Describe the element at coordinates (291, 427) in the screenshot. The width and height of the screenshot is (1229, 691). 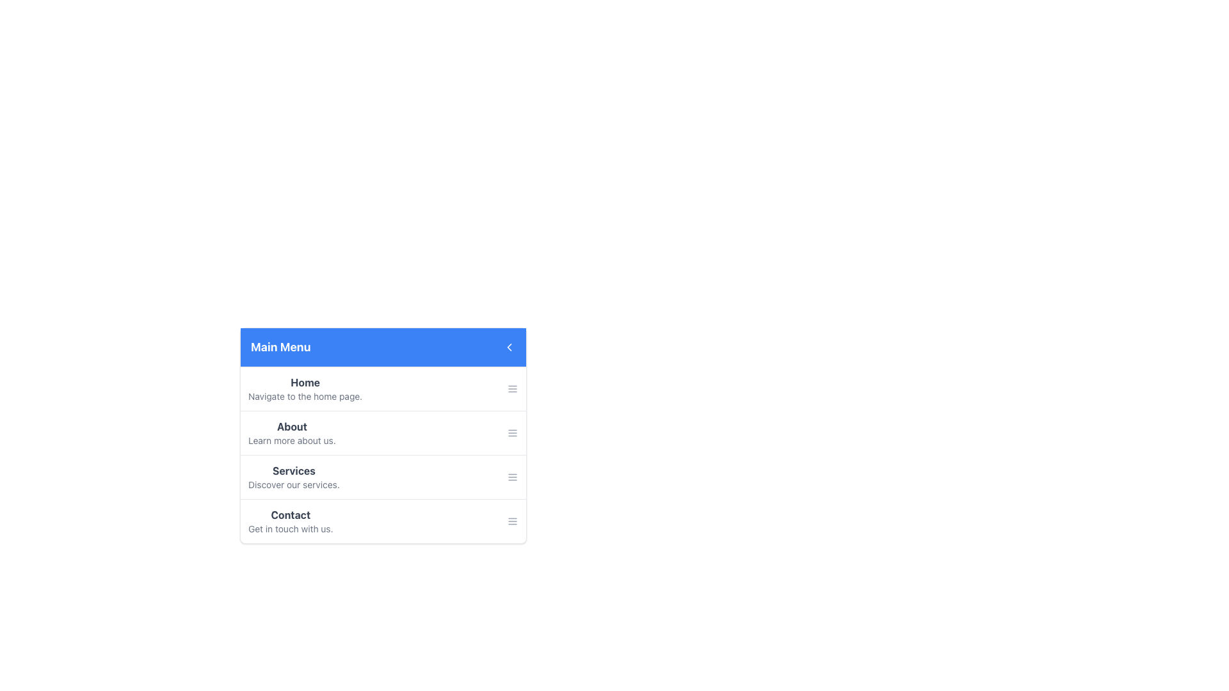
I see `the bold 'About' text label in the menu, which is styled in gray and positioned above the 'Services' item` at that location.